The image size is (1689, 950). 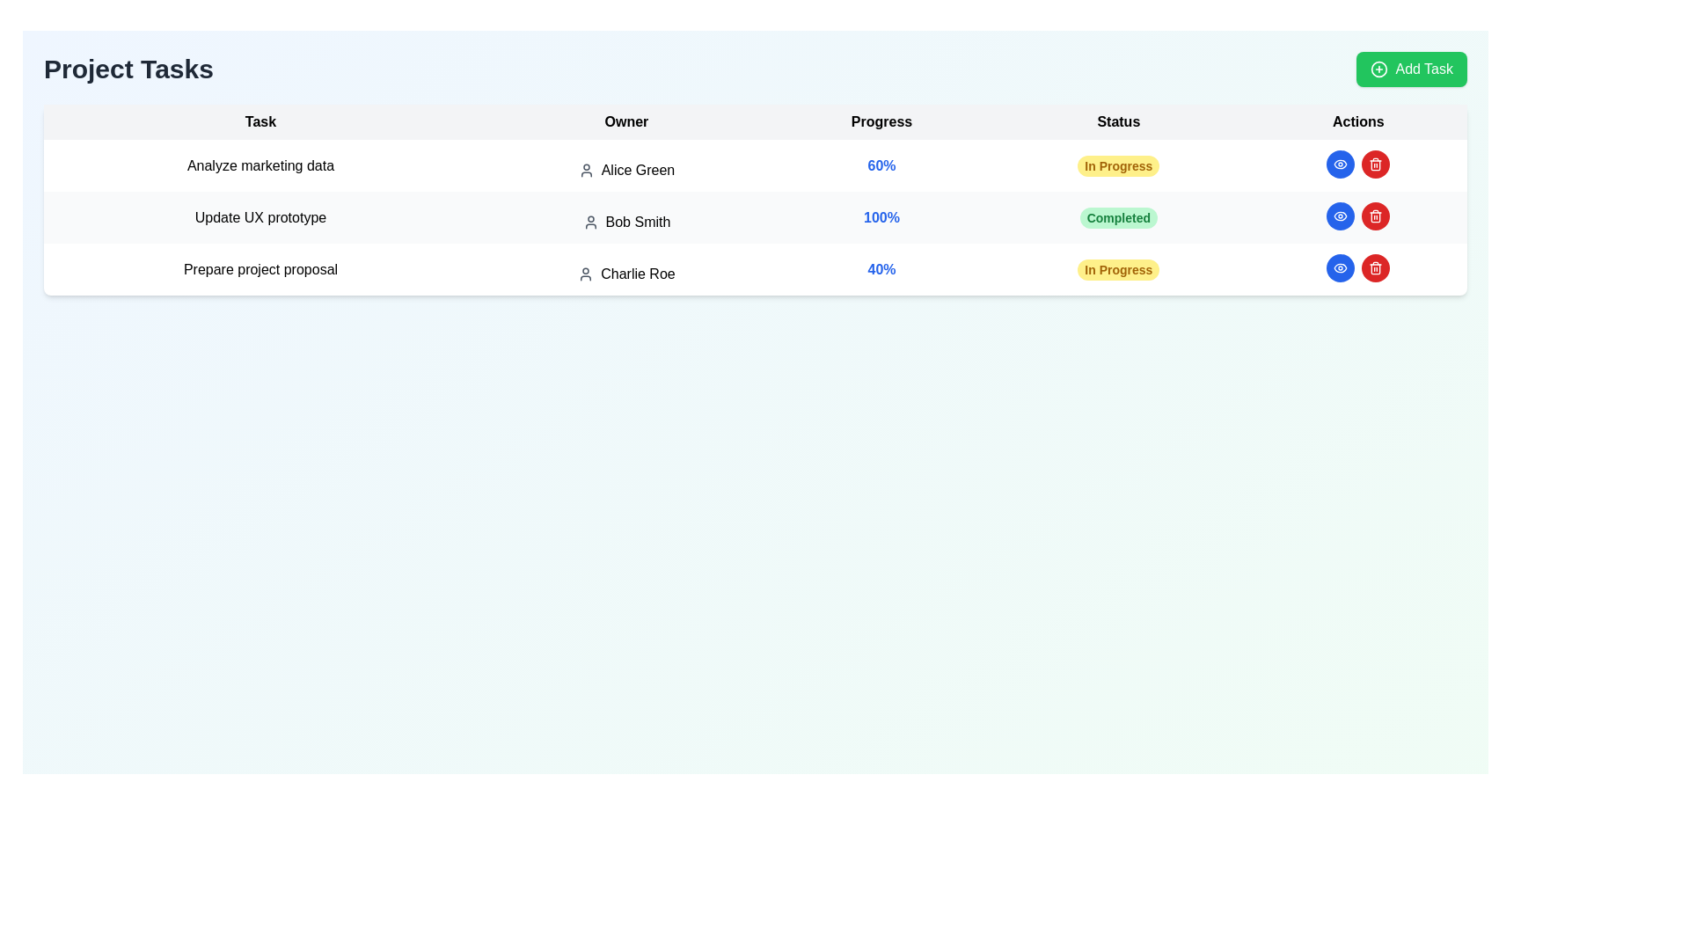 What do you see at coordinates (1357, 267) in the screenshot?
I see `the red trash button in the 'Actions' column of the row for the task 'Prepare project proposal'` at bounding box center [1357, 267].